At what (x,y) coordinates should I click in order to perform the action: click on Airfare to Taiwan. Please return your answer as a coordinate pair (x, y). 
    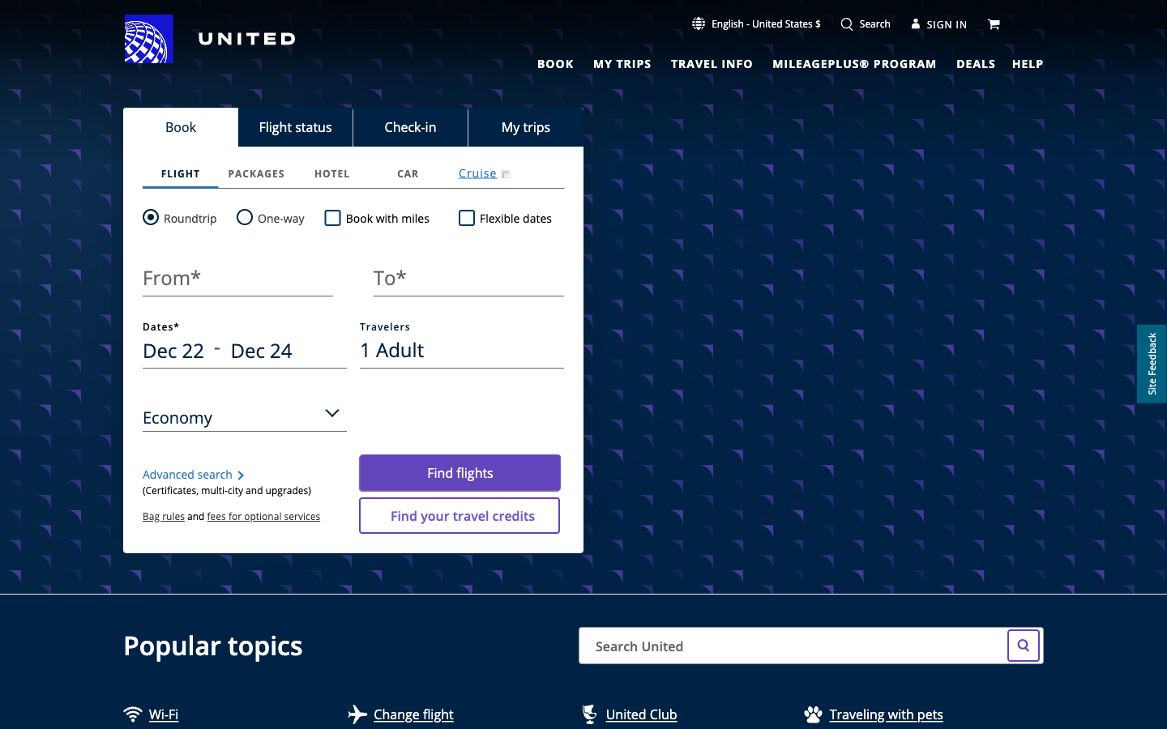
    Looking at the image, I should click on (1025, 647).